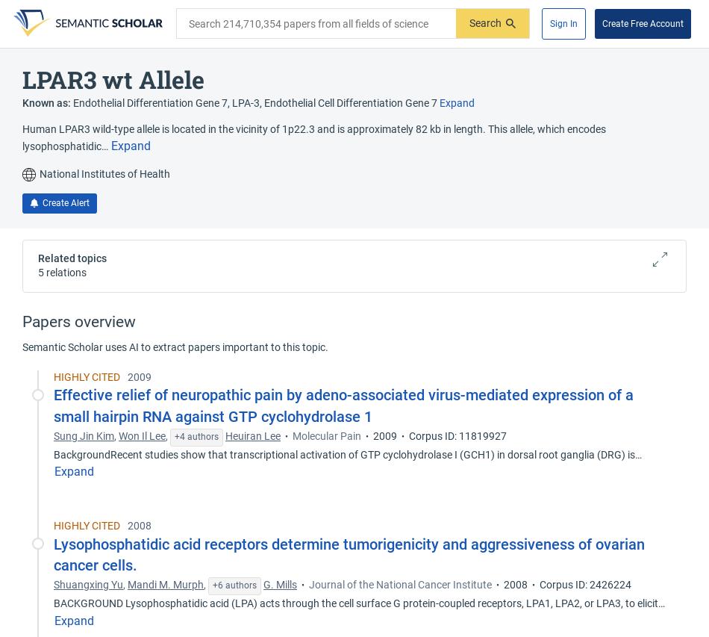  I want to click on '+6 authors', so click(234, 585).